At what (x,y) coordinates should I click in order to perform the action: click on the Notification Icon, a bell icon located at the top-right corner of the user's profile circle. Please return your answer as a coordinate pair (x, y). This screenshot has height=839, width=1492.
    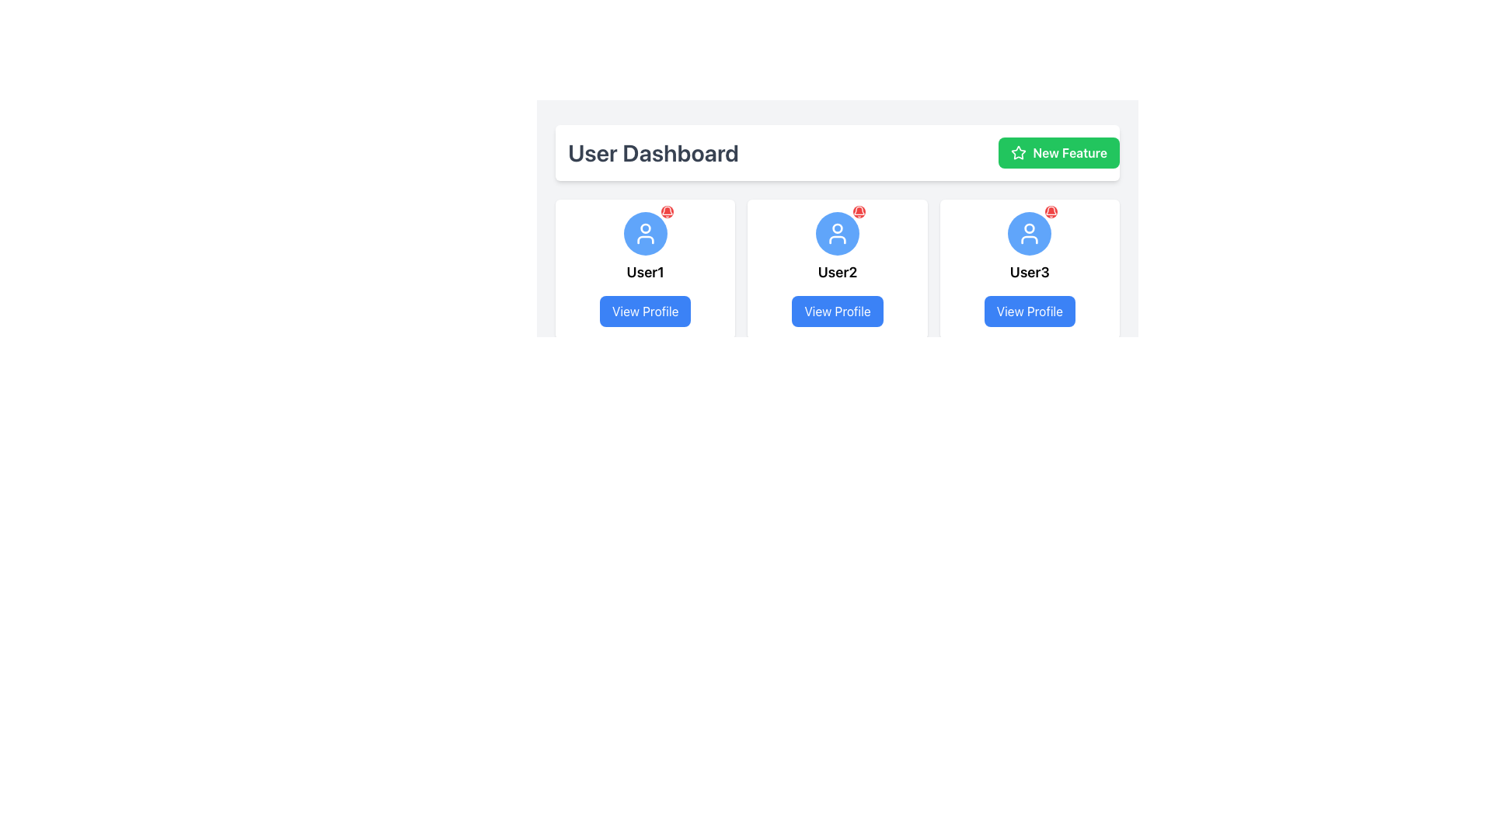
    Looking at the image, I should click on (1051, 212).